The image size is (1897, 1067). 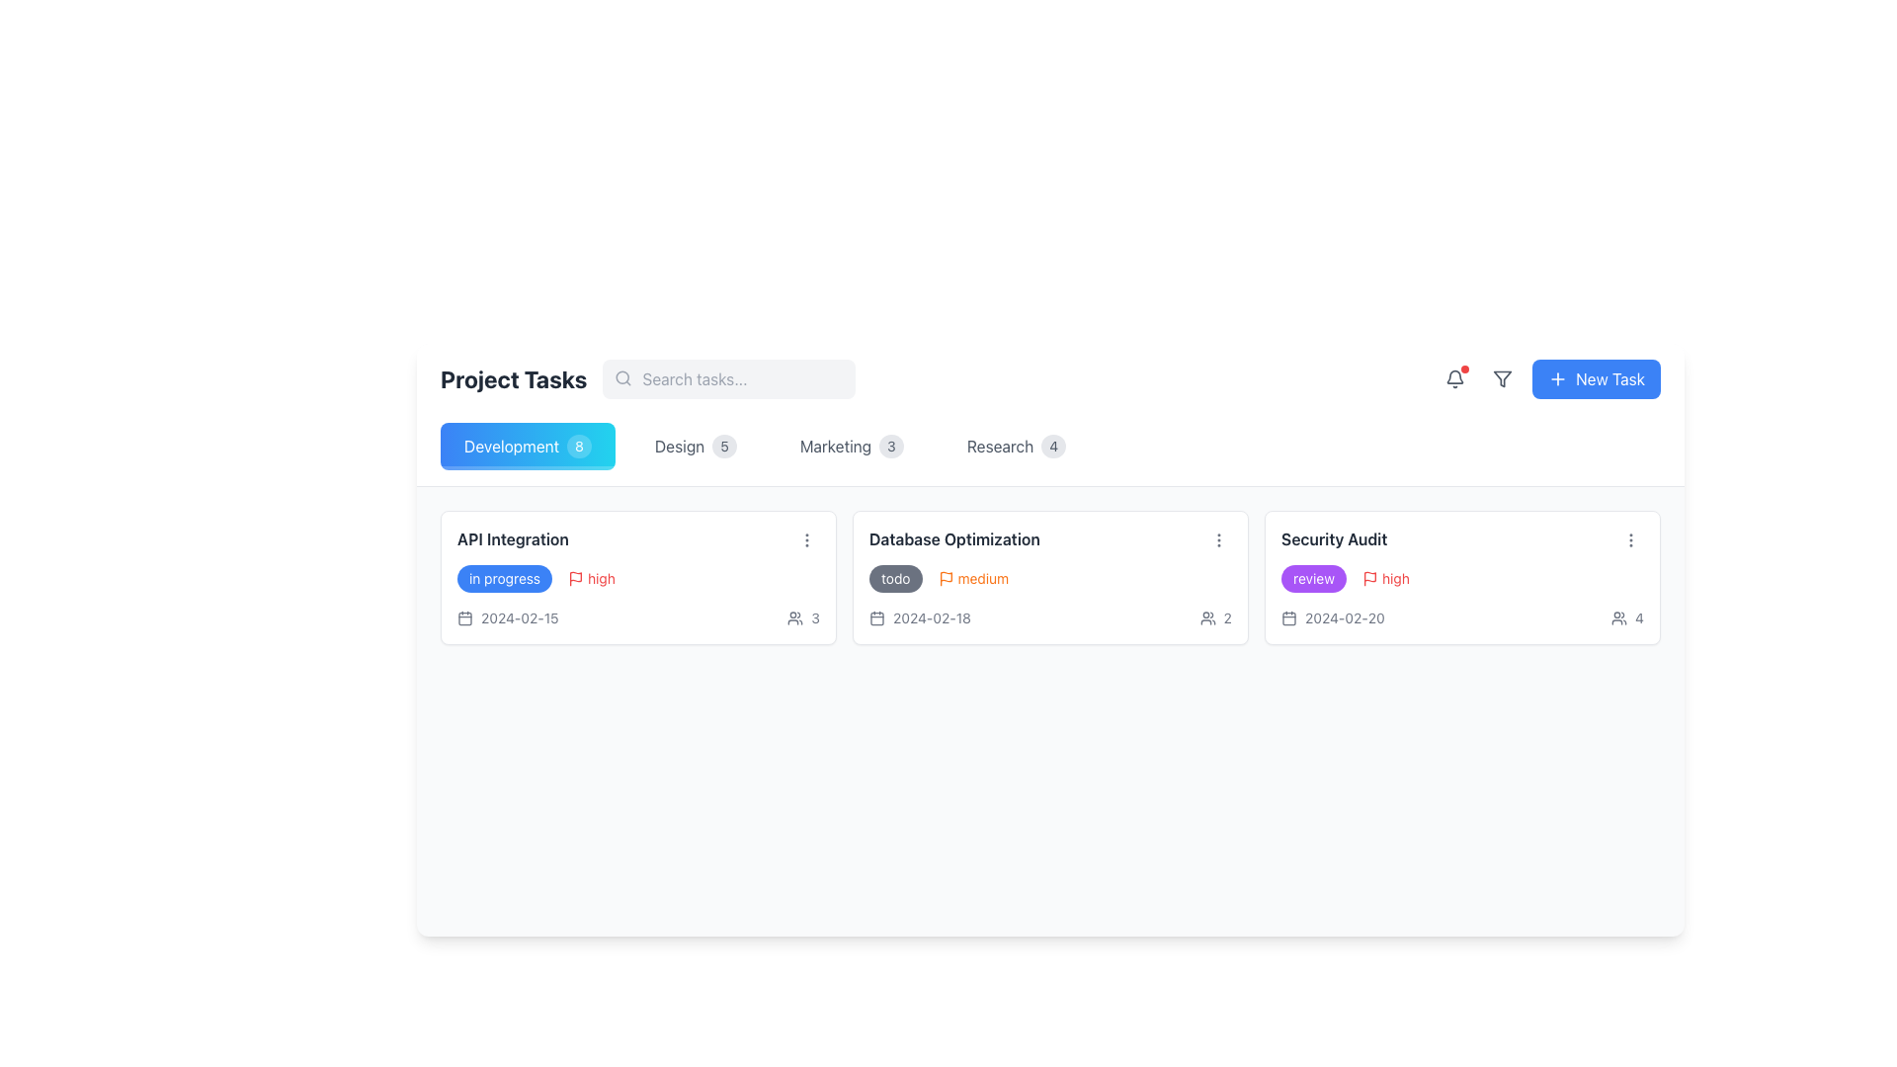 What do you see at coordinates (728, 379) in the screenshot?
I see `the search input field located right-aligned within the 'Project Tasks' section, next to the section title 'Project Tasks'` at bounding box center [728, 379].